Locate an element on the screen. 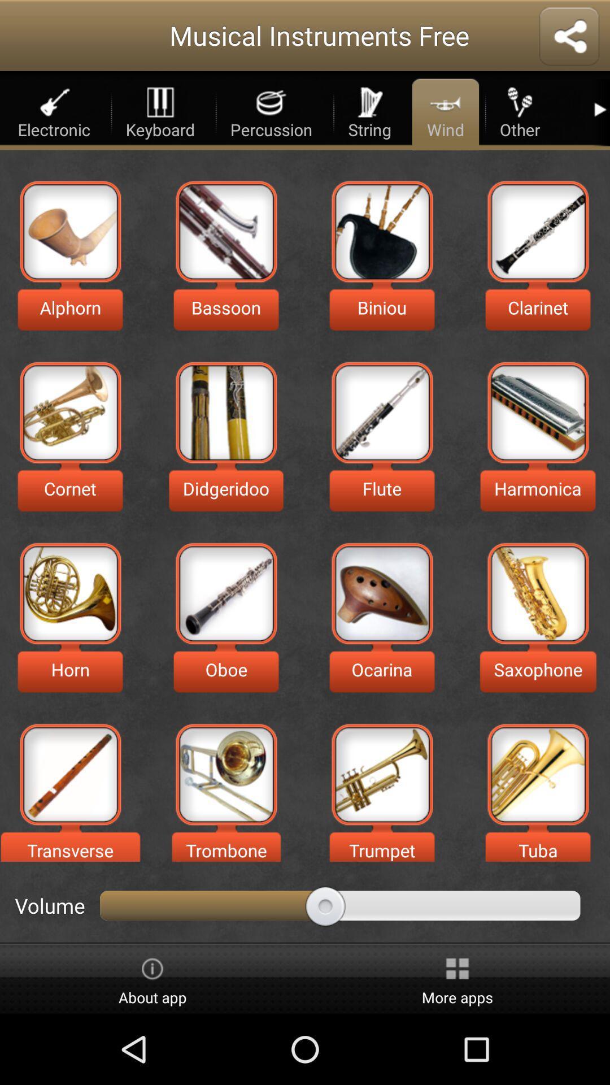 The height and width of the screenshot is (1085, 610). saxophone is located at coordinates (537, 593).